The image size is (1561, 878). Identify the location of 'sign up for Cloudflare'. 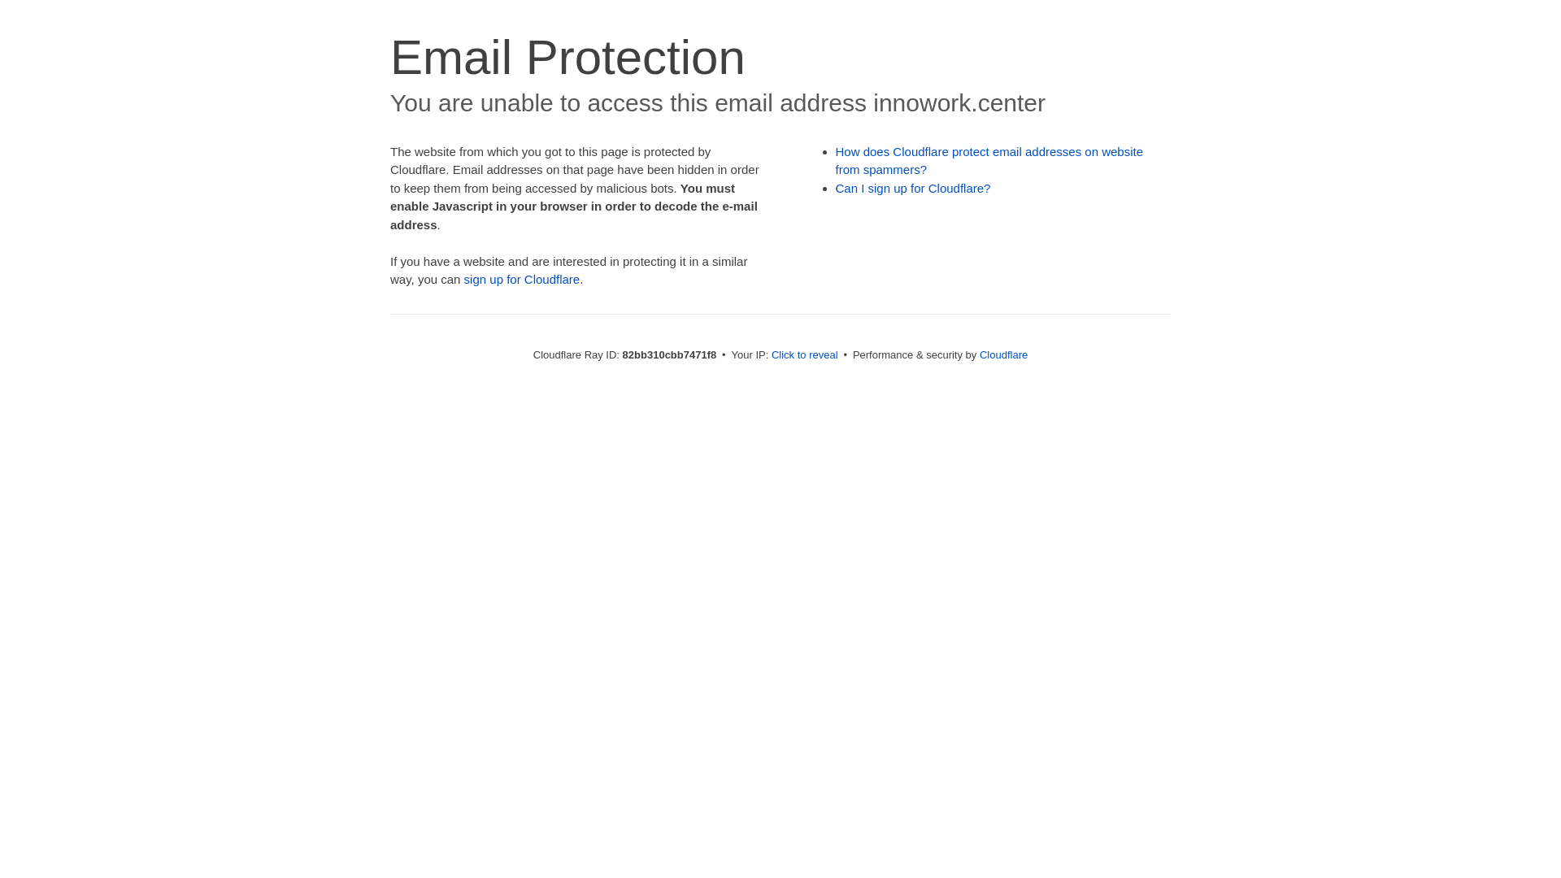
(463, 278).